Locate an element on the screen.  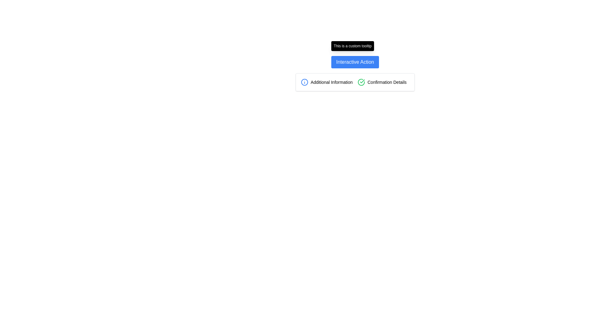
the left part of the green circular confirmation icon located to the right of 'Confirmation Details' is located at coordinates (361, 82).